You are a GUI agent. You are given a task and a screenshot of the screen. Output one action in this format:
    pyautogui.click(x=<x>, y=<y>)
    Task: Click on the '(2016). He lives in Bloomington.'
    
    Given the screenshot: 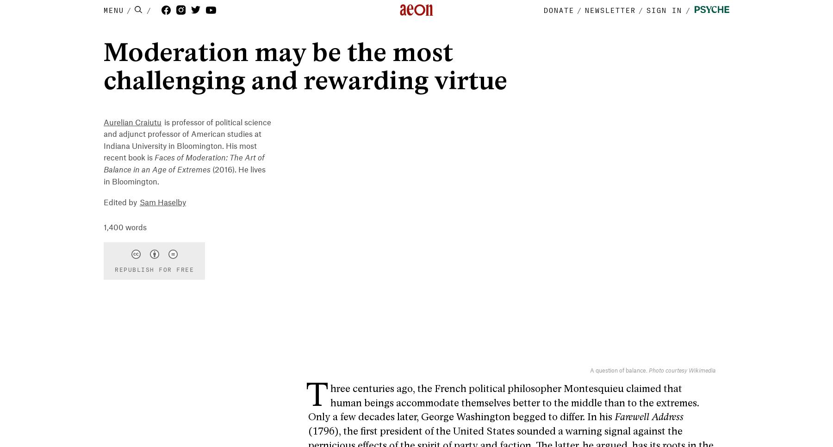 What is the action you would take?
    pyautogui.click(x=185, y=176)
    